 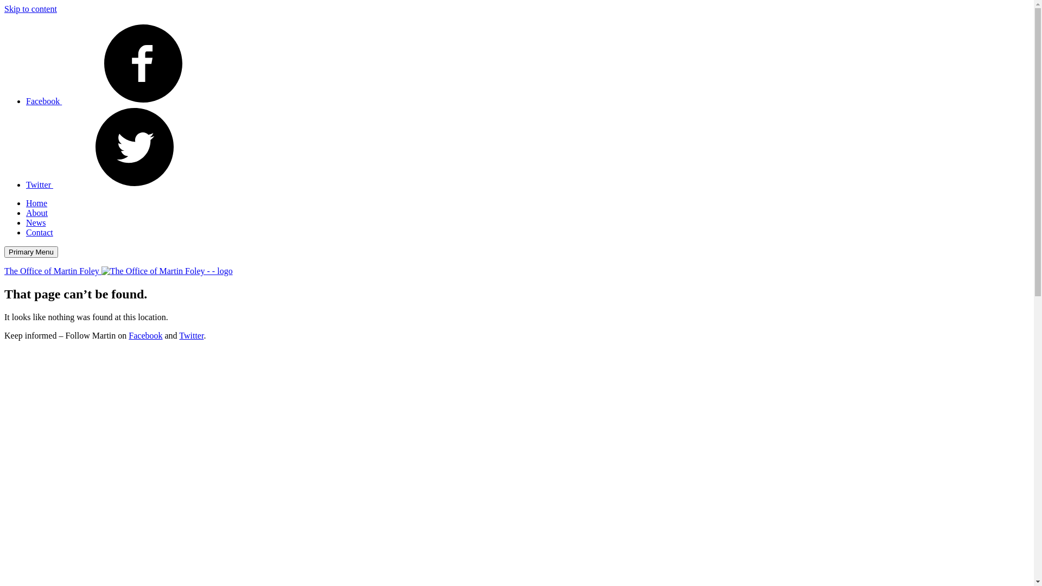 What do you see at coordinates (26, 222) in the screenshot?
I see `'News'` at bounding box center [26, 222].